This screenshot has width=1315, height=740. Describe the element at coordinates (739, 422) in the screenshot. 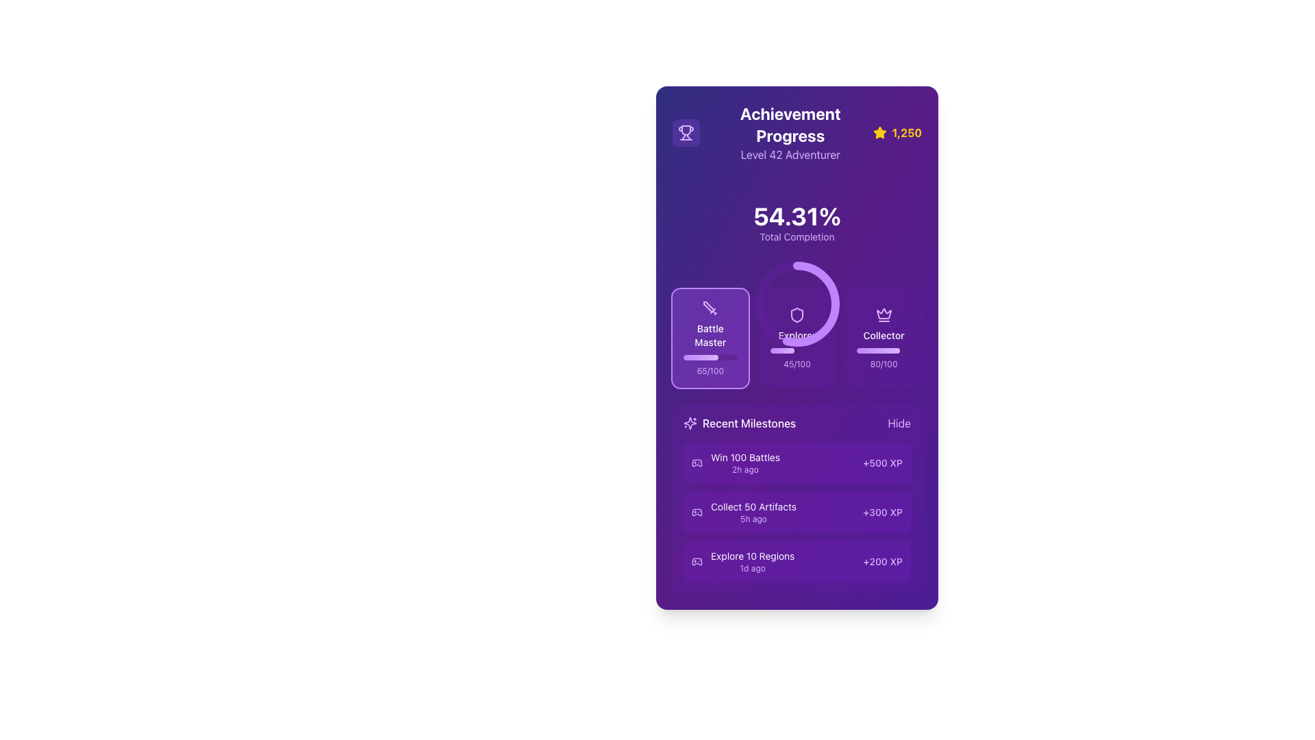

I see `text label 'Recent Milestones' accompanied by the sparkles icon, located in the upper-central area of the section header` at that location.